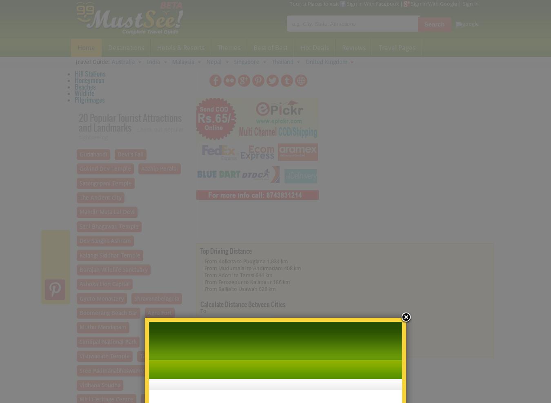 This screenshot has height=403, width=551. What do you see at coordinates (113, 269) in the screenshot?
I see `'Borajan Wildlife Sanctuary'` at bounding box center [113, 269].